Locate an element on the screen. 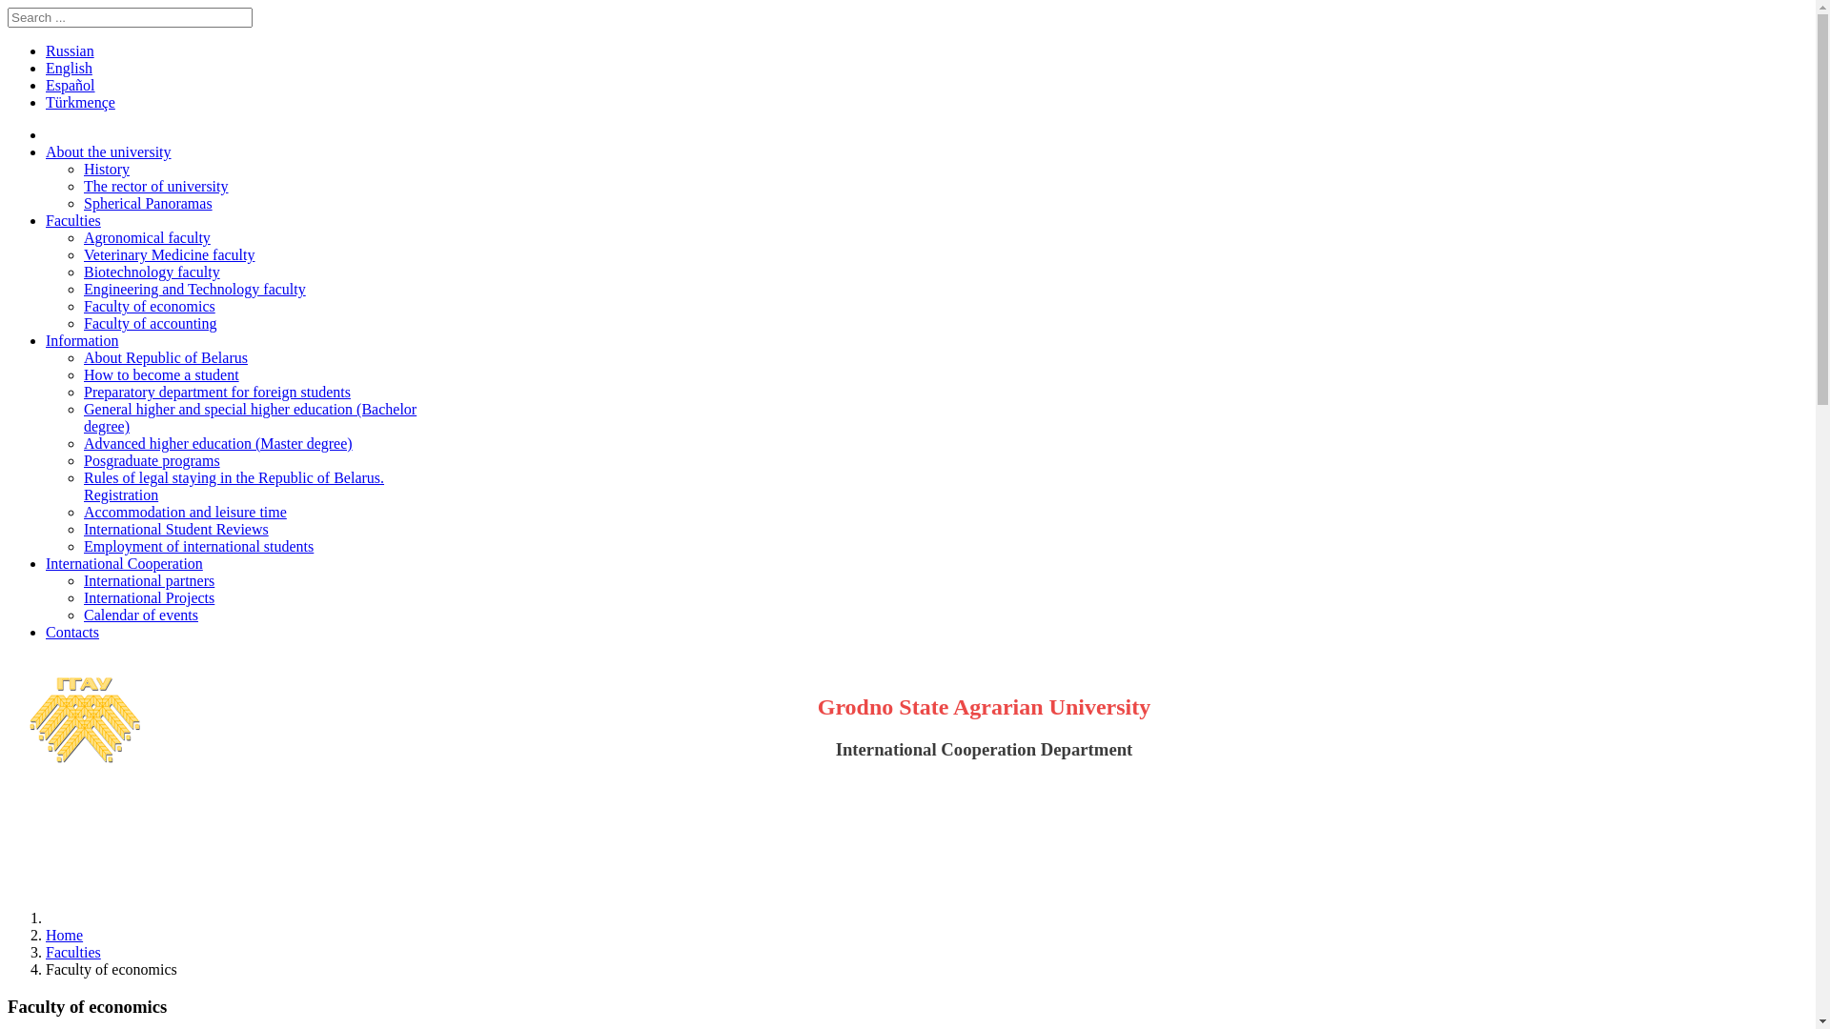 This screenshot has height=1029, width=1830. 'English' is located at coordinates (46, 67).